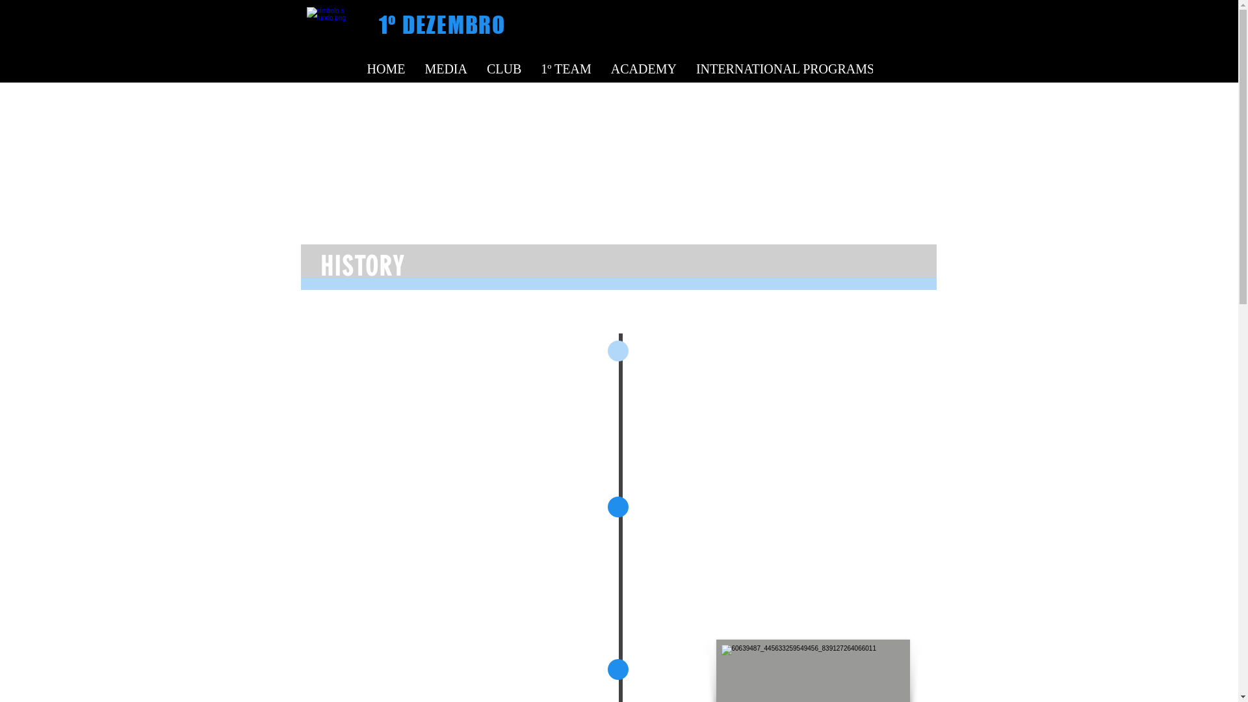  I want to click on 'HOME', so click(385, 71).